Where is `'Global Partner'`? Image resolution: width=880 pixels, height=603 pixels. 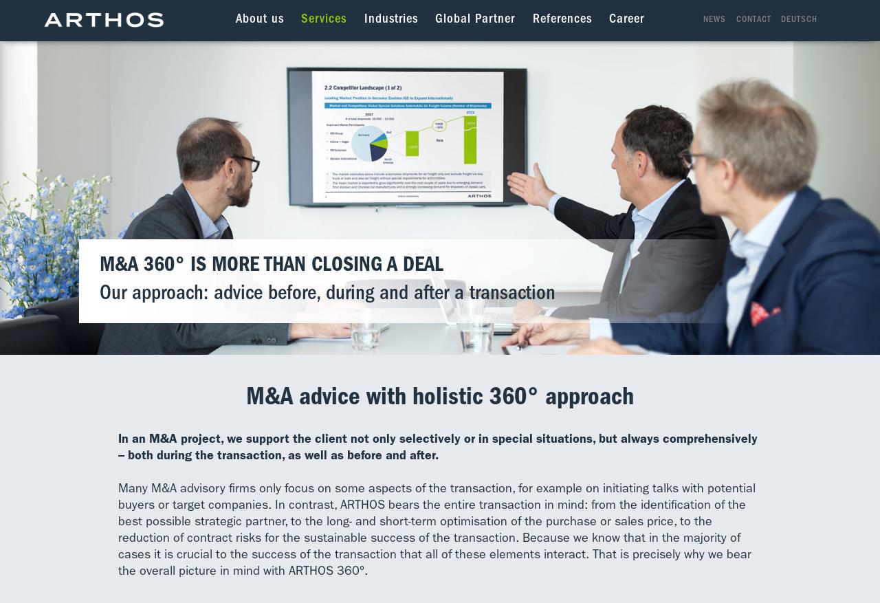 'Global Partner' is located at coordinates (474, 19).